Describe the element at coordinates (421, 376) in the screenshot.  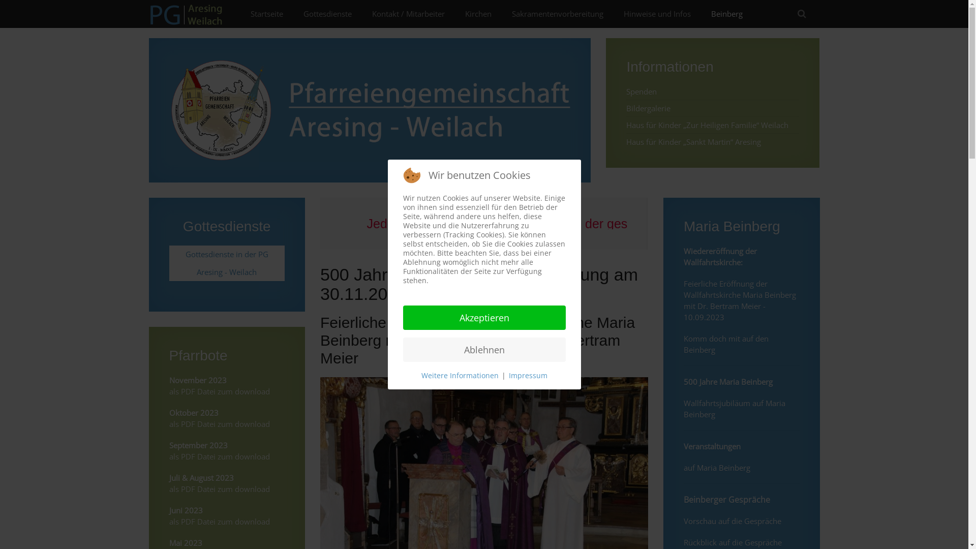
I see `'Weitere Informationen'` at that location.